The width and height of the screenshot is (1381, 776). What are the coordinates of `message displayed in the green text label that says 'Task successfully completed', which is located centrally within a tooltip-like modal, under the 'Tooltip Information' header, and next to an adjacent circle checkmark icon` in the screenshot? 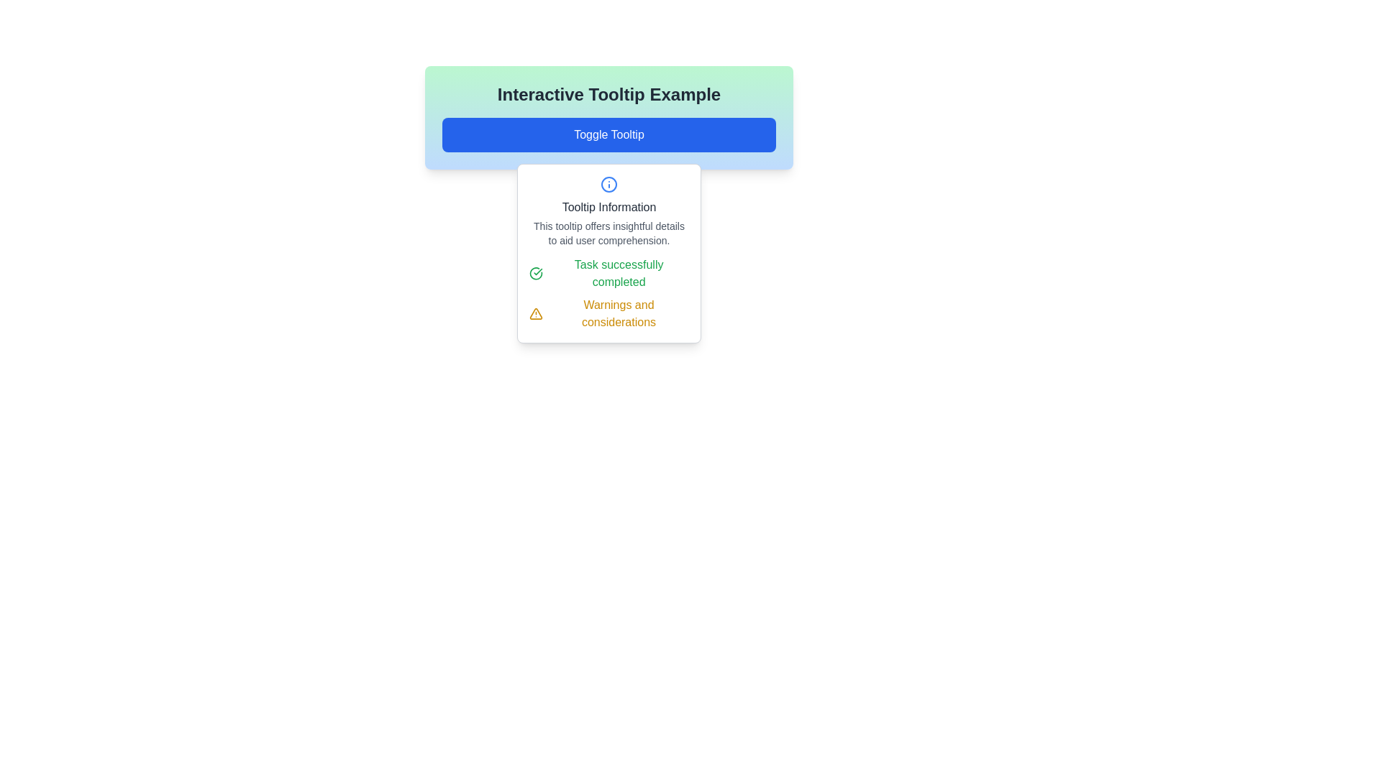 It's located at (619, 274).